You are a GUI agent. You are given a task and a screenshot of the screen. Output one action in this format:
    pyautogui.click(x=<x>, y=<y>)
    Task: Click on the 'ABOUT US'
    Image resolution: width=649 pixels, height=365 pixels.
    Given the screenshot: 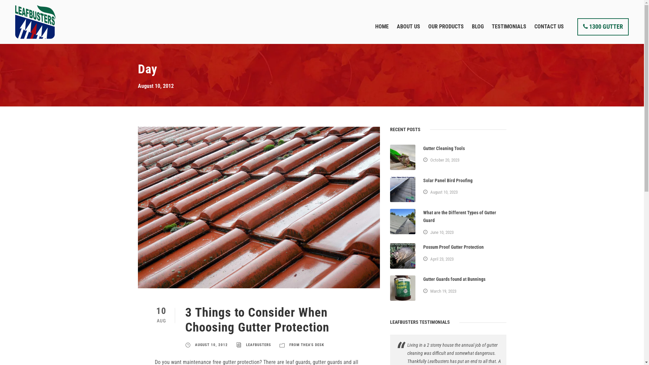 What is the action you would take?
    pyautogui.click(x=408, y=33)
    